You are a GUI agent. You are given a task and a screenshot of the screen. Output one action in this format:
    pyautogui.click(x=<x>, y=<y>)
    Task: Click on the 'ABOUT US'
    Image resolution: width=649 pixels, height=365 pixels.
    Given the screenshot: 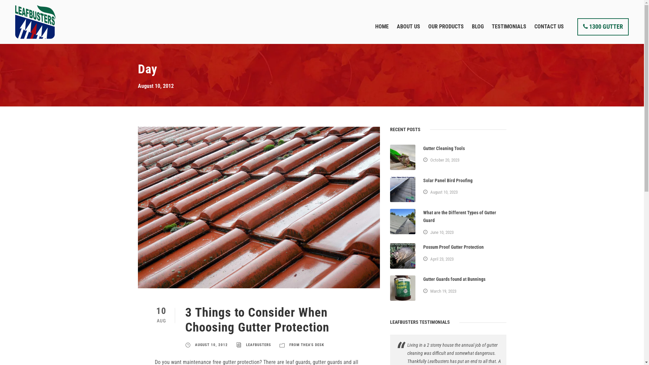 What is the action you would take?
    pyautogui.click(x=408, y=33)
    